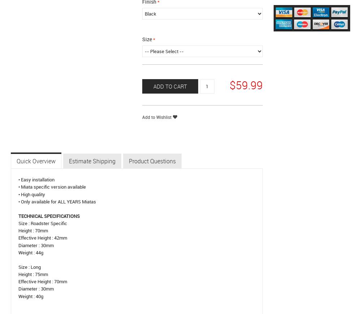  I want to click on 'Weight : 44g', so click(30, 252).